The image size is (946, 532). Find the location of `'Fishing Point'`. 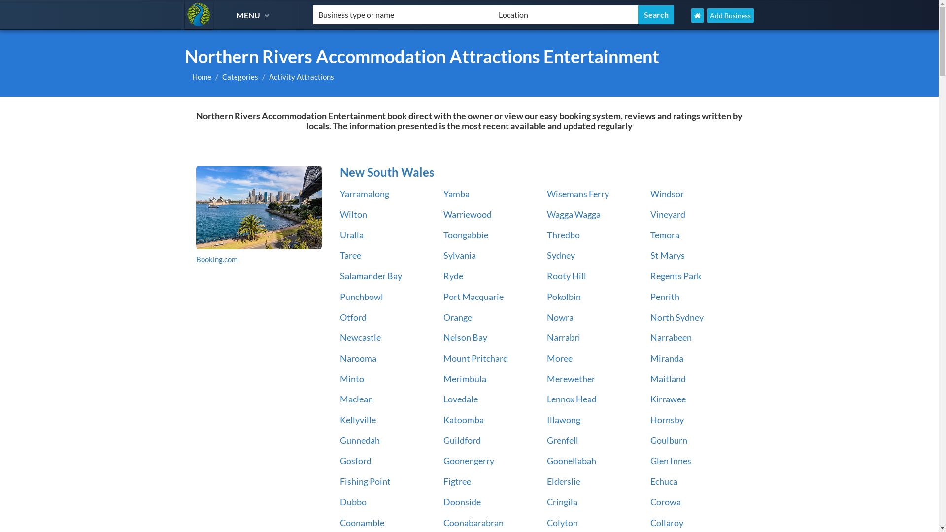

'Fishing Point' is located at coordinates (365, 480).